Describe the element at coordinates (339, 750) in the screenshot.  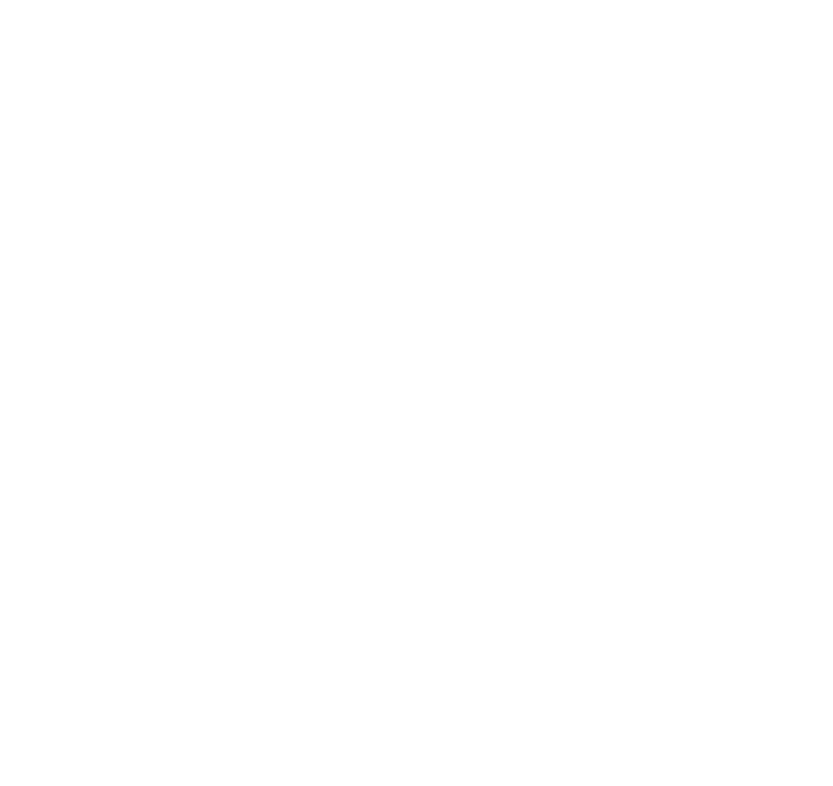
I see `'If you no longer wish to be contacted for marketing purposes, please let us know by sending an email to:'` at that location.